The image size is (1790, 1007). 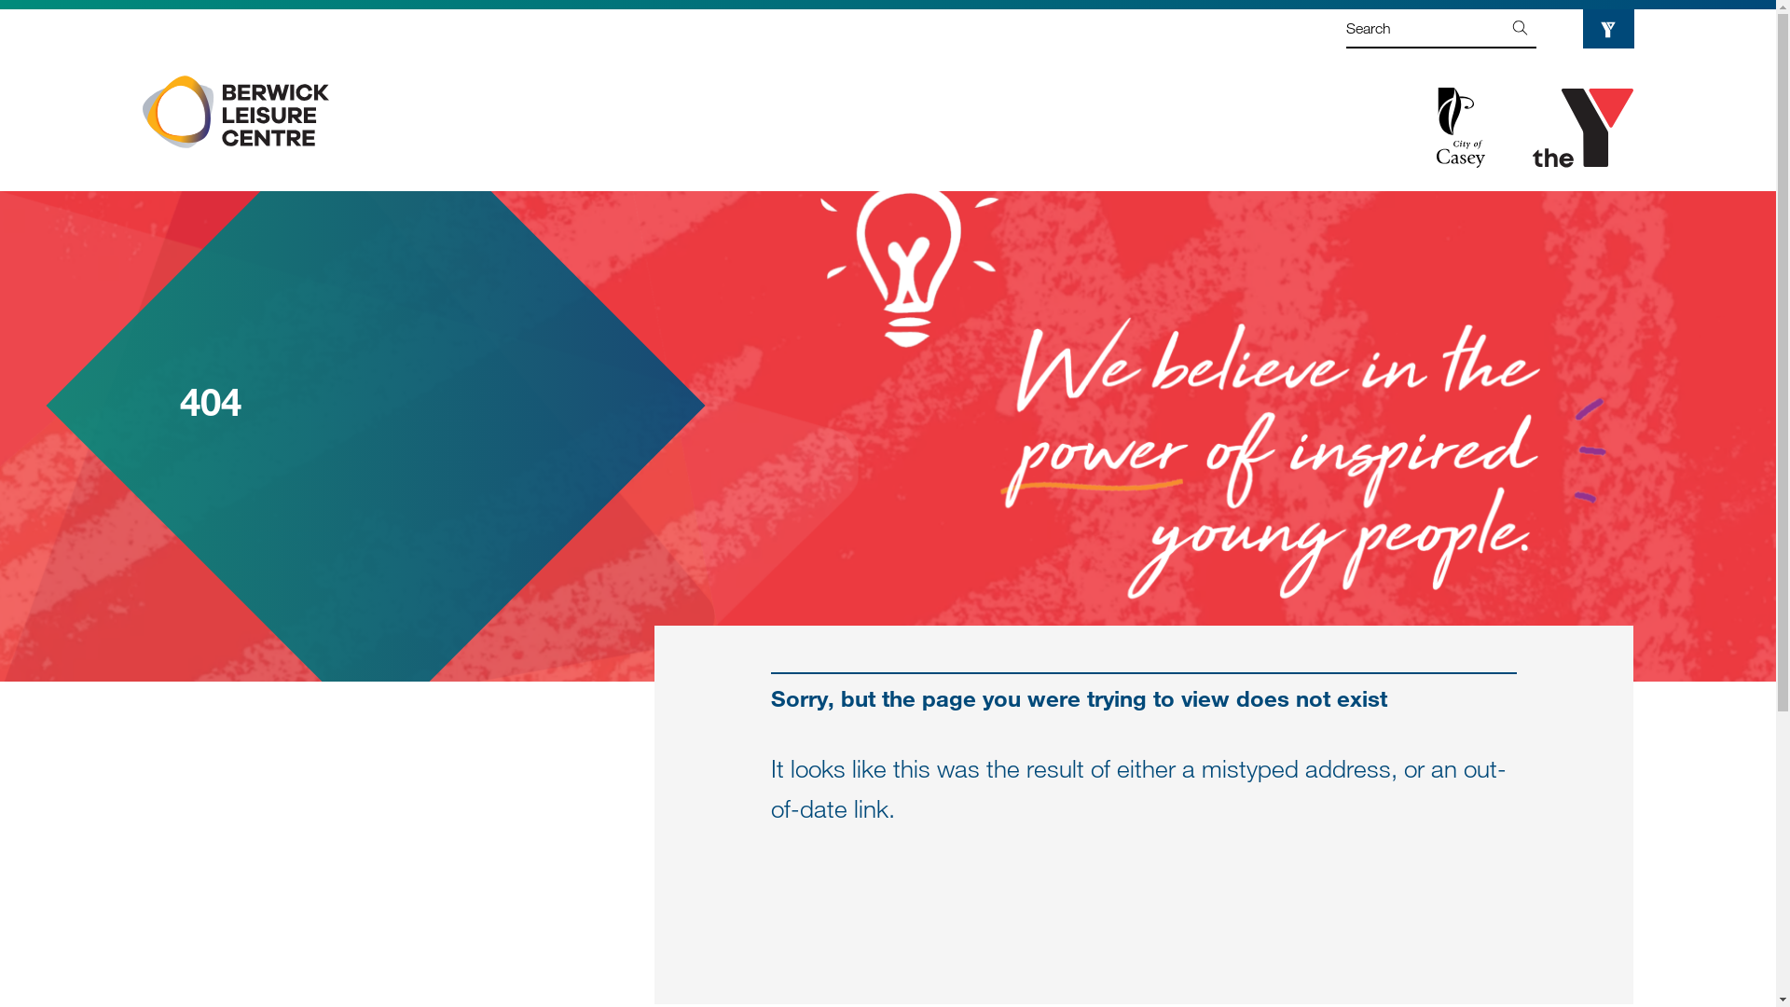 I want to click on 'Go', so click(x=1503, y=28).